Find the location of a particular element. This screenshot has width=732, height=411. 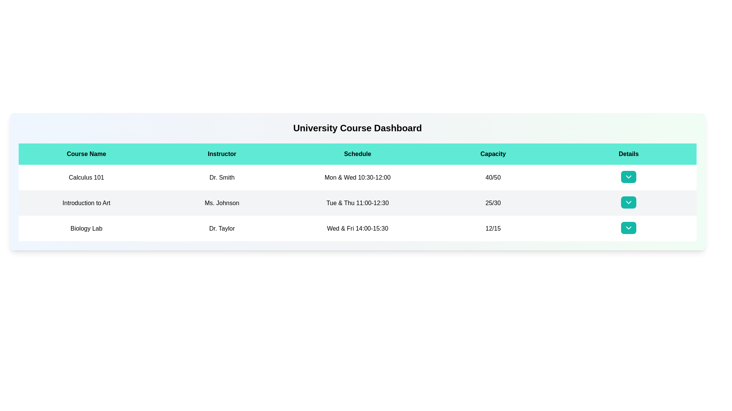

the Dropdown indicator icon located in the 'Details' column of the third row in the table for the 'Biology Lab' course entry is located at coordinates (629, 227).